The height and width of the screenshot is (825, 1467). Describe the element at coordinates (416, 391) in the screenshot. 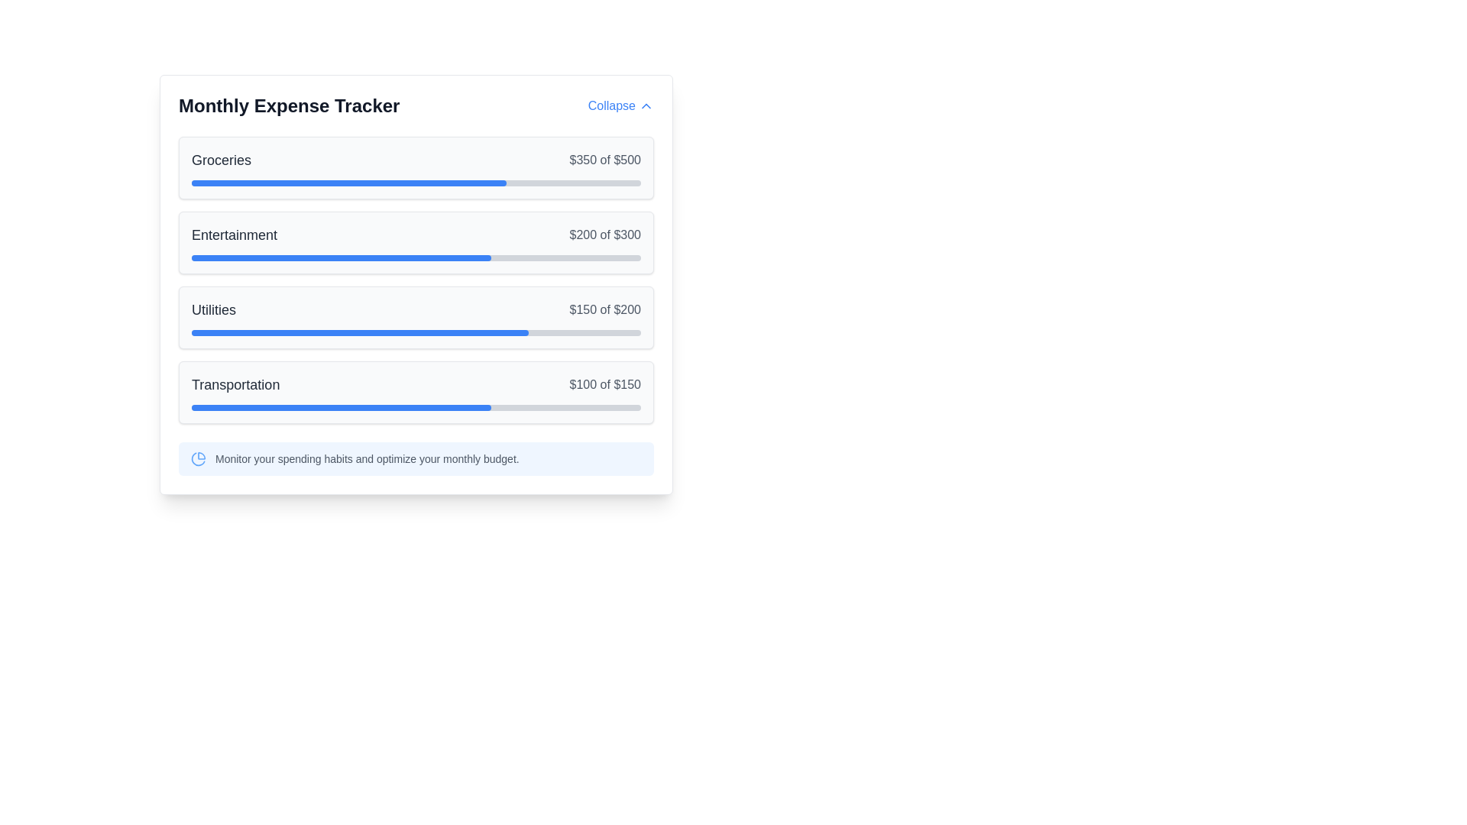

I see `the Budget tracker card for 'Transportation', which displays a total allocation of $150 and an already used amount of $100, located at the bottom of the list of expense categories in the 'Monthly Expense Tracker'` at that location.